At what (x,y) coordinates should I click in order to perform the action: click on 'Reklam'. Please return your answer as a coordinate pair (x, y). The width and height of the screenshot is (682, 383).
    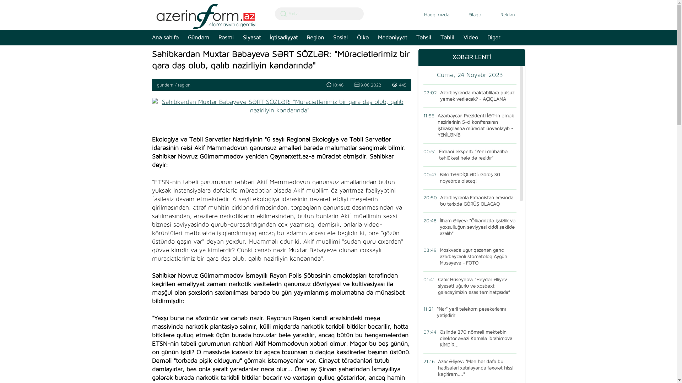
    Looking at the image, I should click on (503, 15).